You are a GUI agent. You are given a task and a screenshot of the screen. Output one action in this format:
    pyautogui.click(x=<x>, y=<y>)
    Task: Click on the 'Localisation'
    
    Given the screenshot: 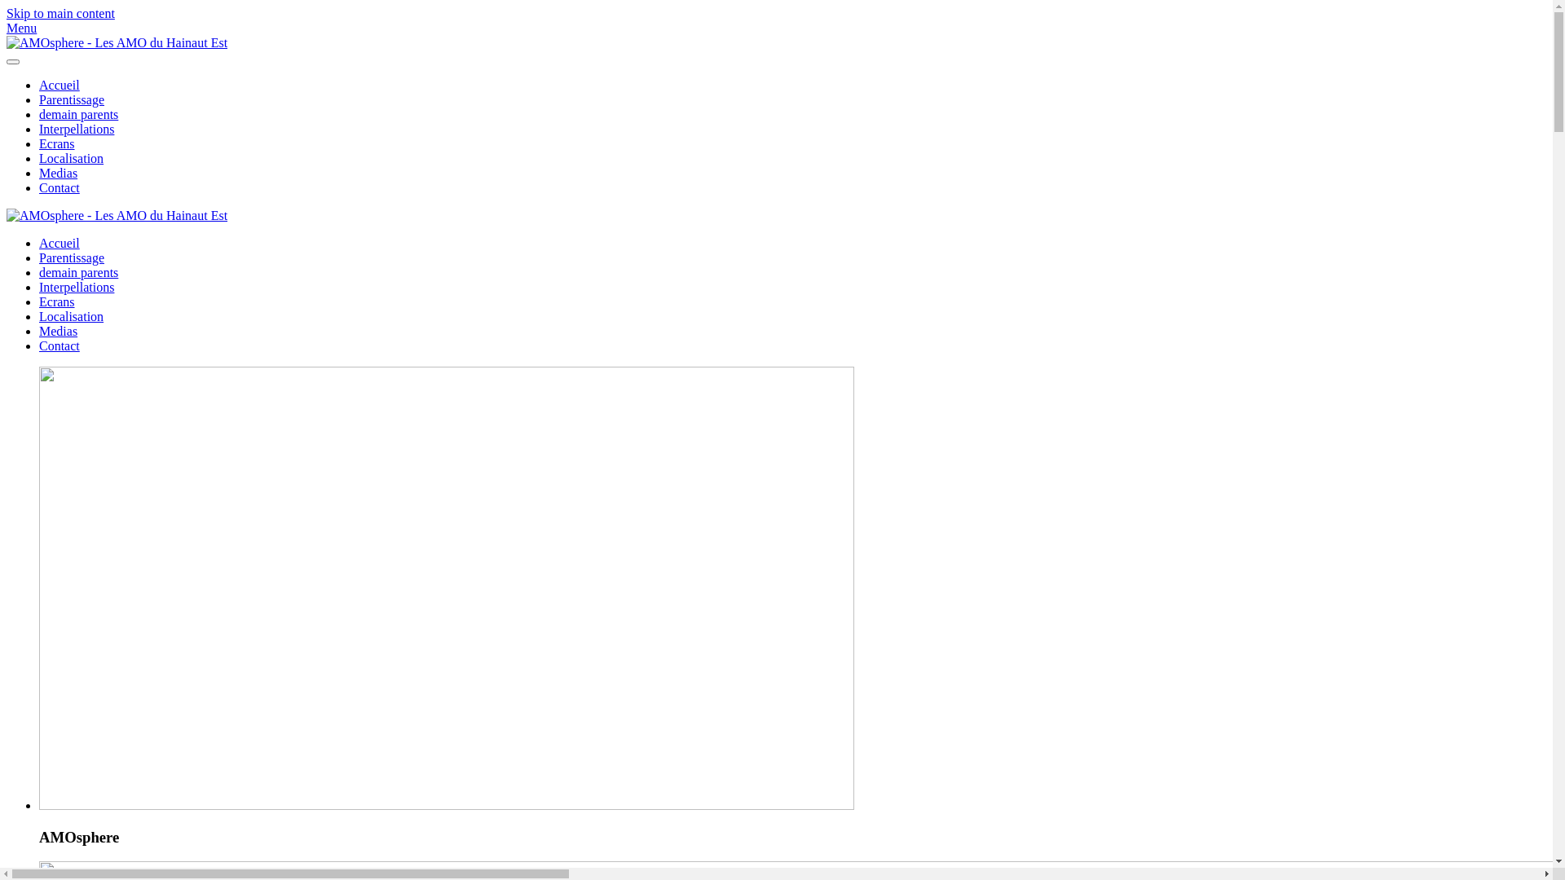 What is the action you would take?
    pyautogui.click(x=70, y=316)
    